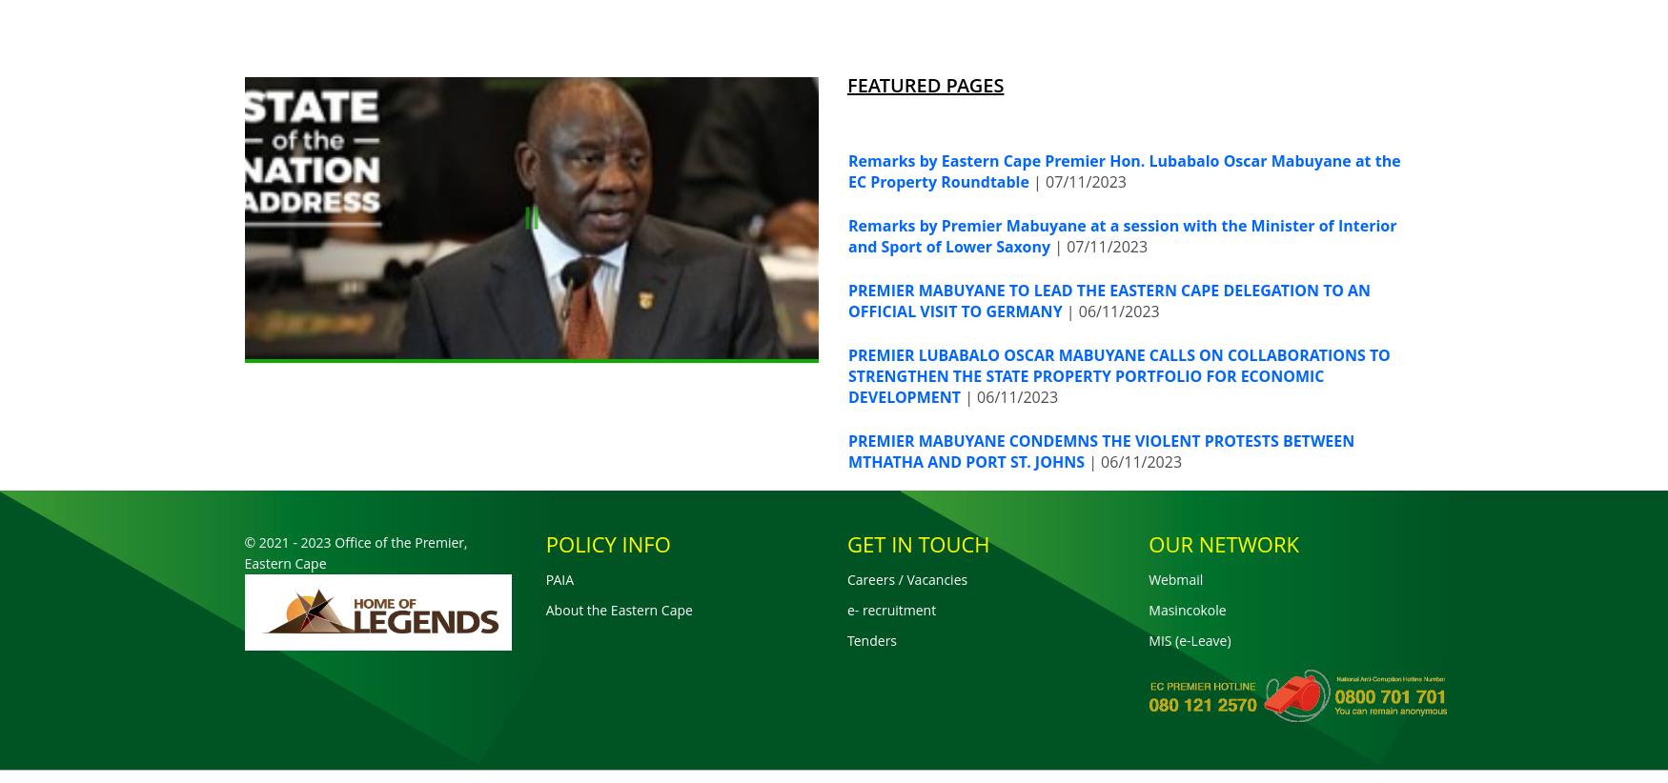 The image size is (1668, 783). I want to click on 'Masincokole', so click(1187, 609).